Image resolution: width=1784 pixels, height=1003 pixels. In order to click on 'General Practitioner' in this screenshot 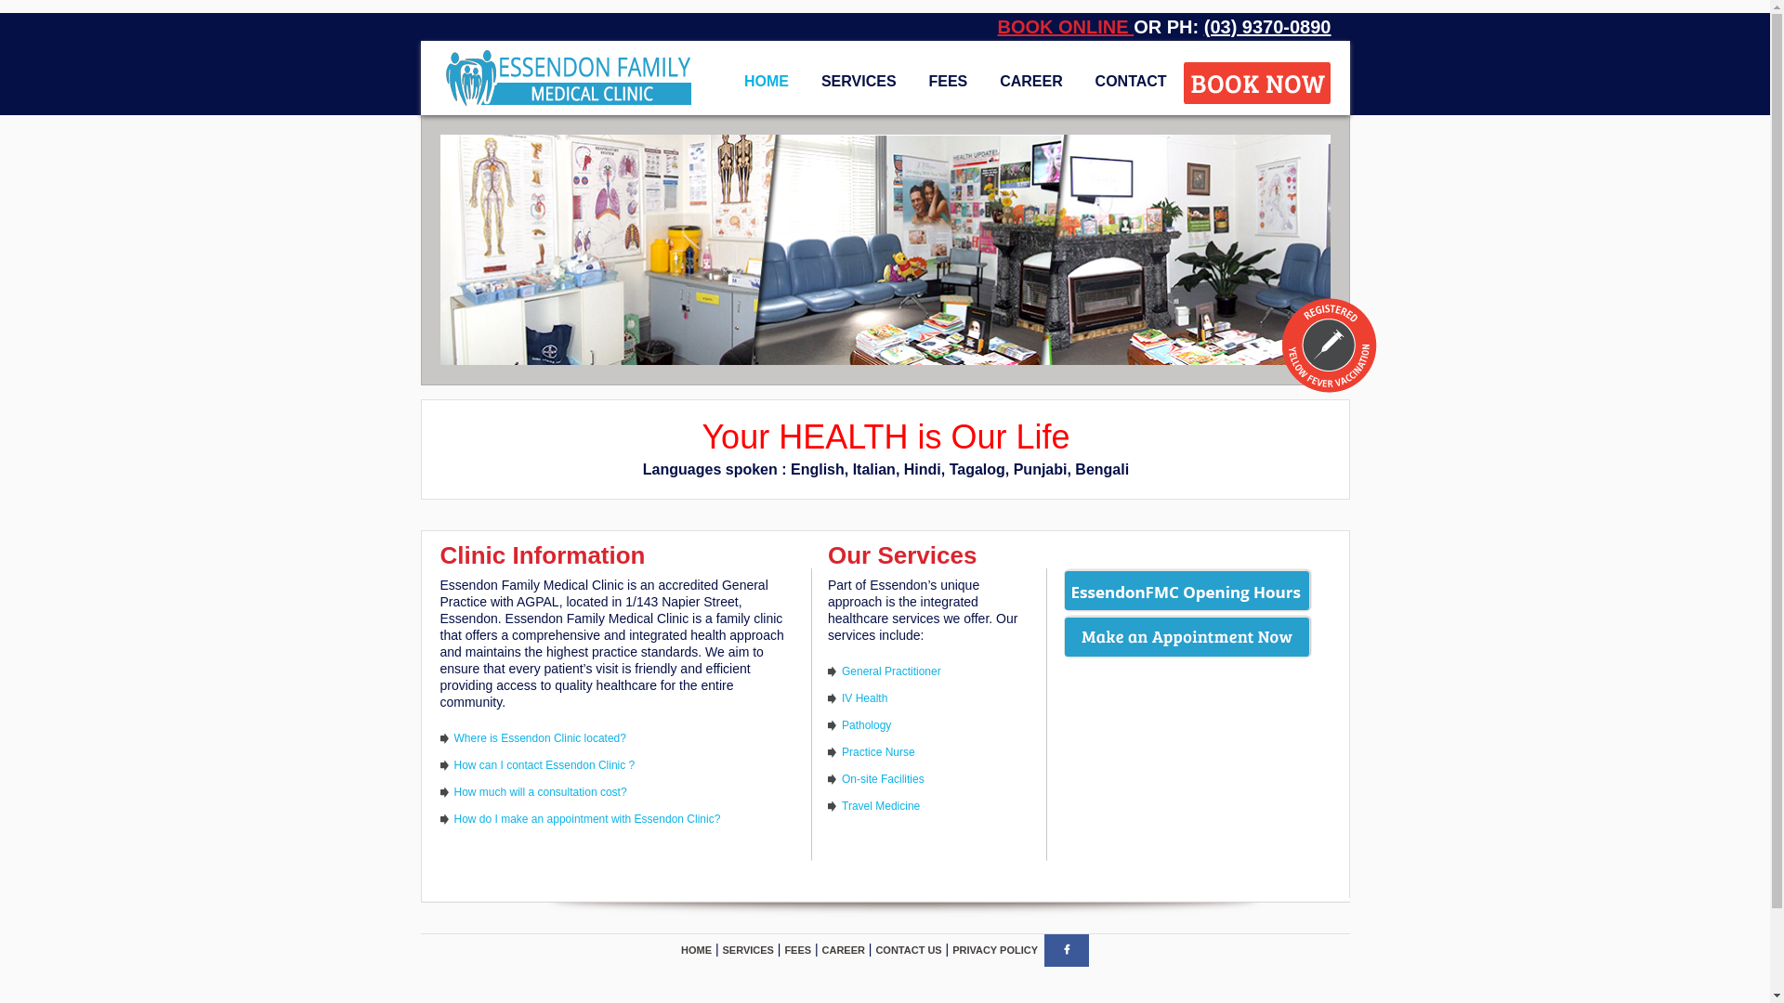, I will do `click(841, 671)`.